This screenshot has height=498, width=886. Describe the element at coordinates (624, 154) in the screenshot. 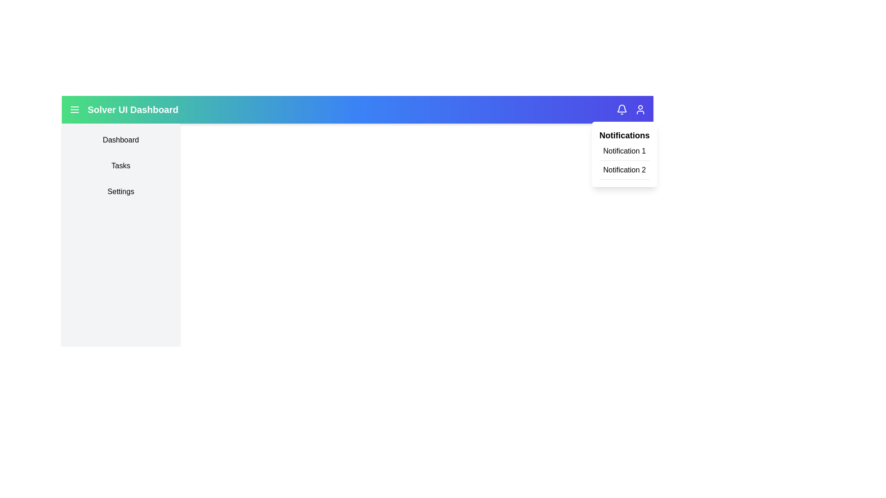

I see `the Notifications dropdown panel located at the top right corner of the interface, which contains a bold title and two notification items` at that location.